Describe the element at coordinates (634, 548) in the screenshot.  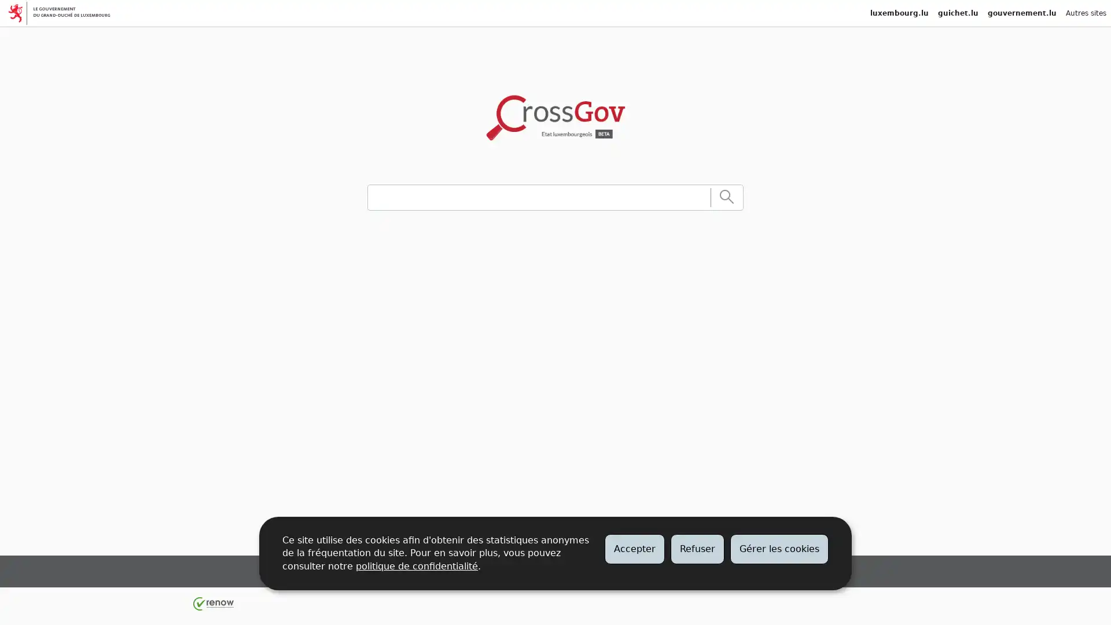
I see `Accepter` at that location.